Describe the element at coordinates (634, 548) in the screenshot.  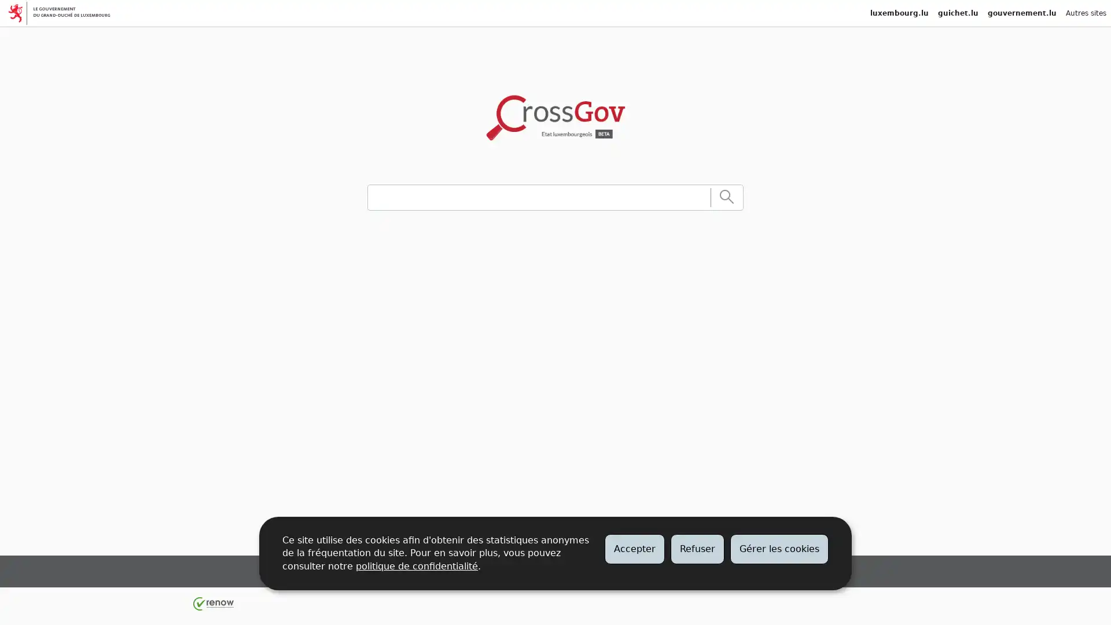
I see `Accepter` at that location.